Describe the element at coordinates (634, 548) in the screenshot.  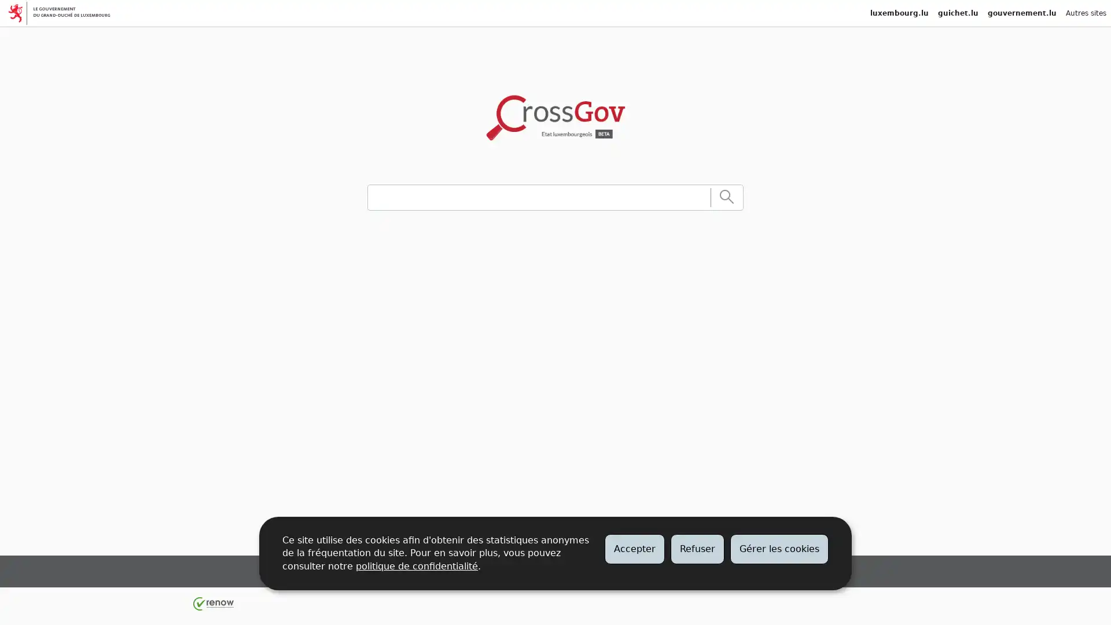
I see `Accepter` at that location.